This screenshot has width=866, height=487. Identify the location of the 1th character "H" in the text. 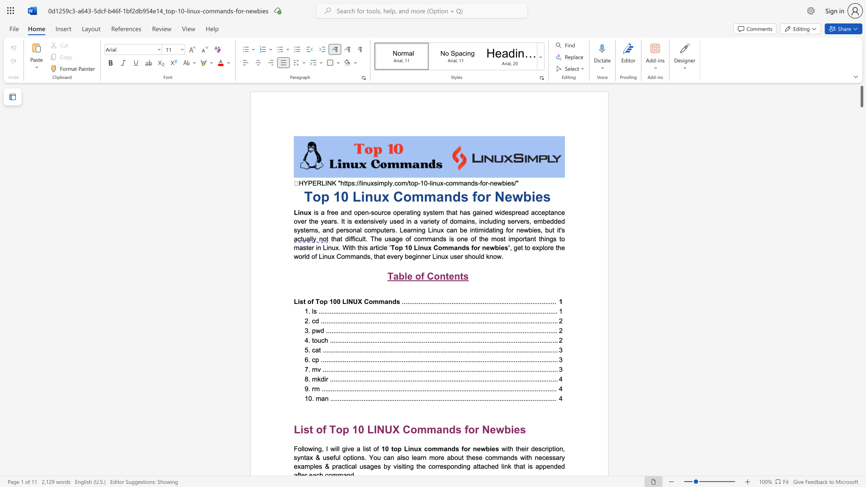
(301, 183).